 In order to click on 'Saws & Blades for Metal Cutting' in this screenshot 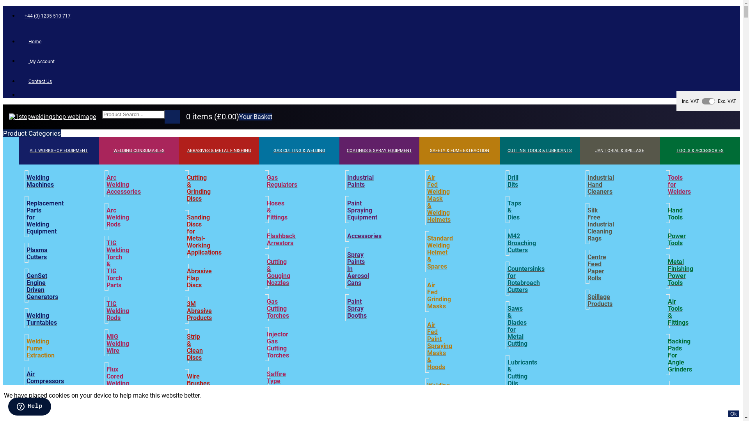, I will do `click(517, 326)`.